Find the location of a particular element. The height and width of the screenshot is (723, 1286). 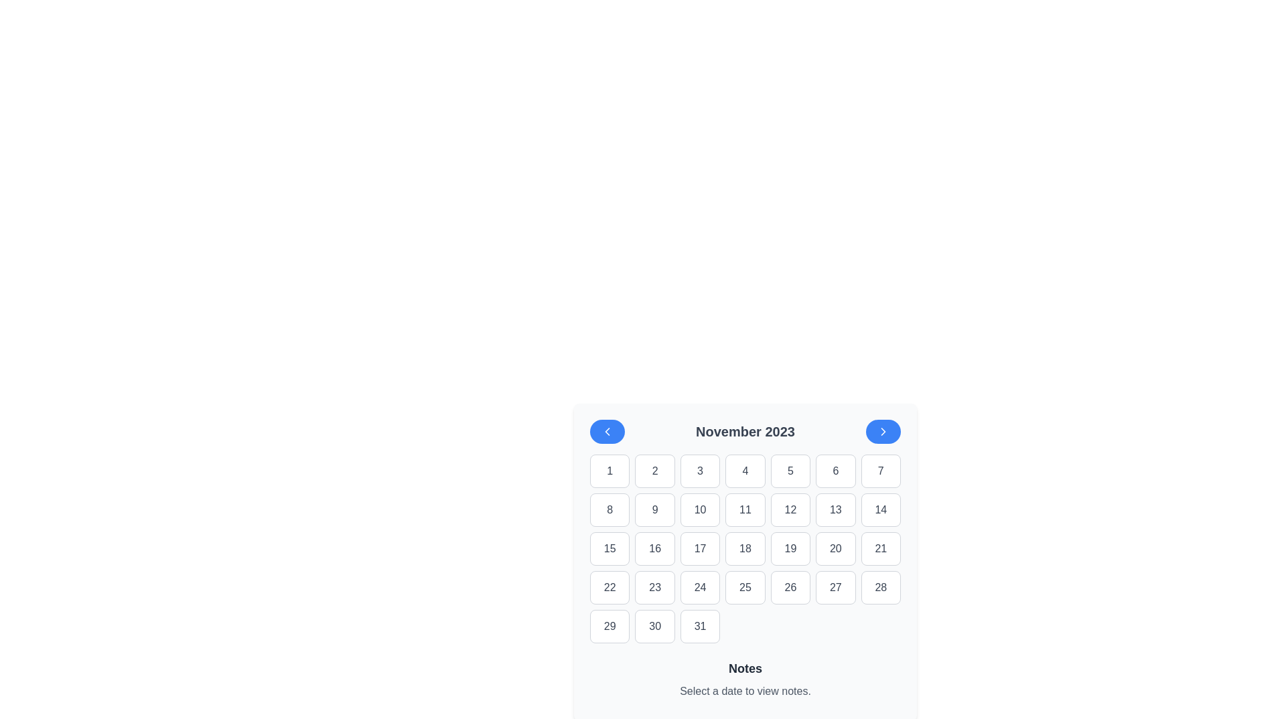

the leftward chevron icon located inside the circular blue button at the top-left corner of the calendar widget is located at coordinates (607, 431).